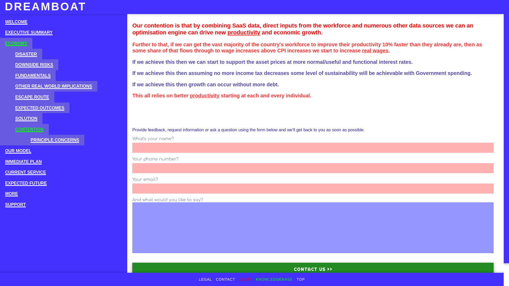 This screenshot has height=286, width=509. What do you see at coordinates (34, 108) in the screenshot?
I see `'EXPECTED OUTCOMES'` at bounding box center [34, 108].